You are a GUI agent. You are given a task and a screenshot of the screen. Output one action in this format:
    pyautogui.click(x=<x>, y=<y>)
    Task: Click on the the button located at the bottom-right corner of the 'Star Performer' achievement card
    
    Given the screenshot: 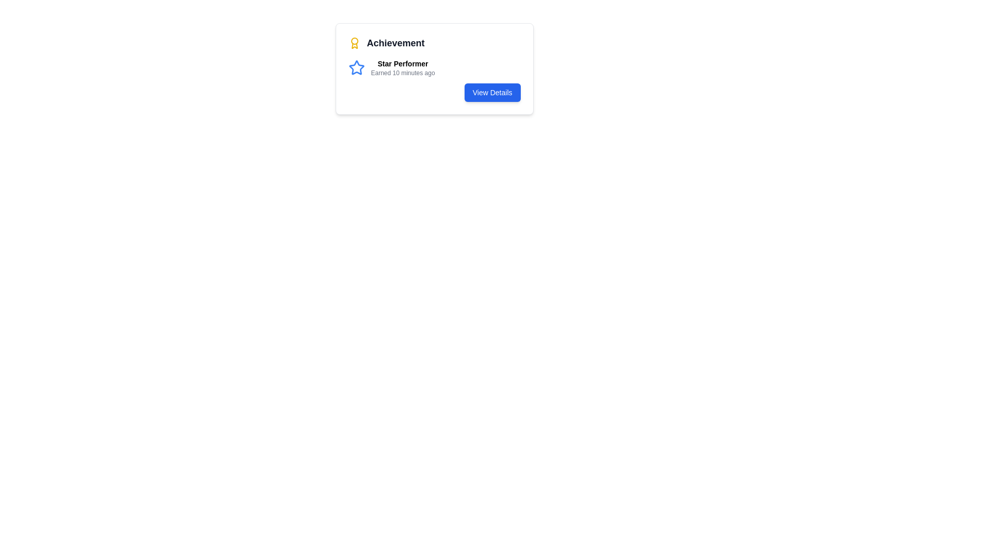 What is the action you would take?
    pyautogui.click(x=492, y=93)
    